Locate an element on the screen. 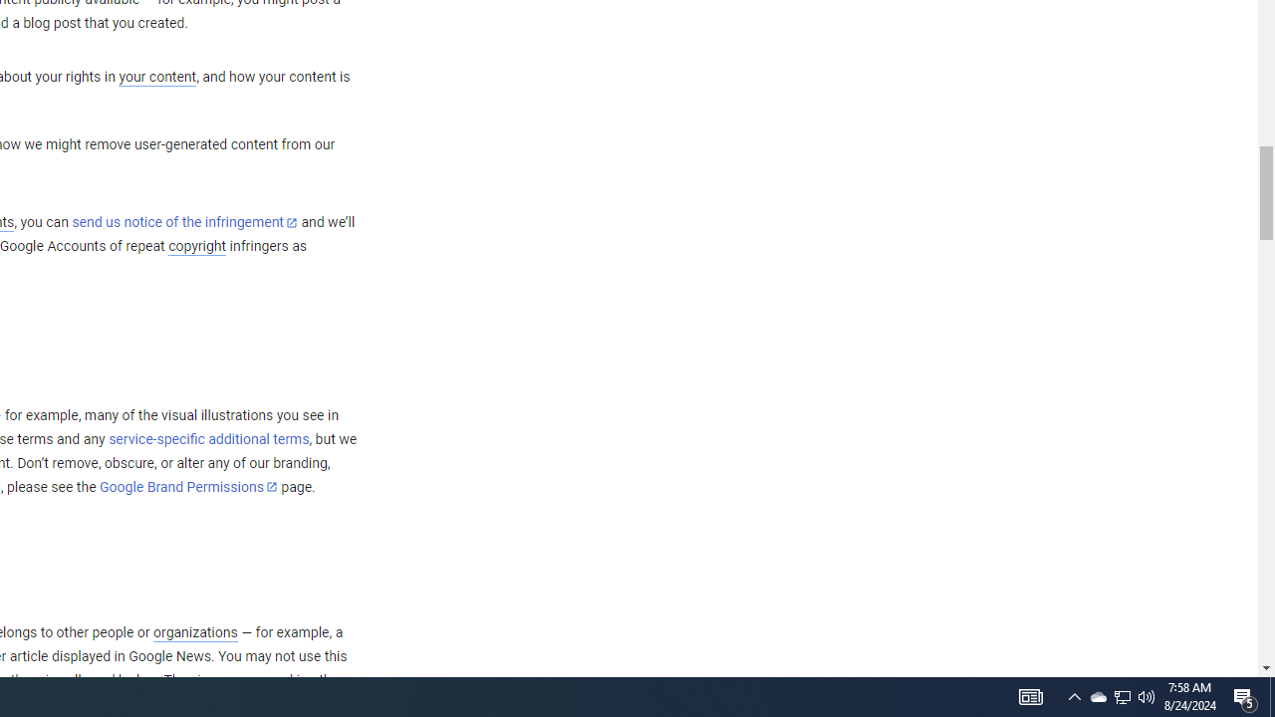  'organizations' is located at coordinates (195, 632).